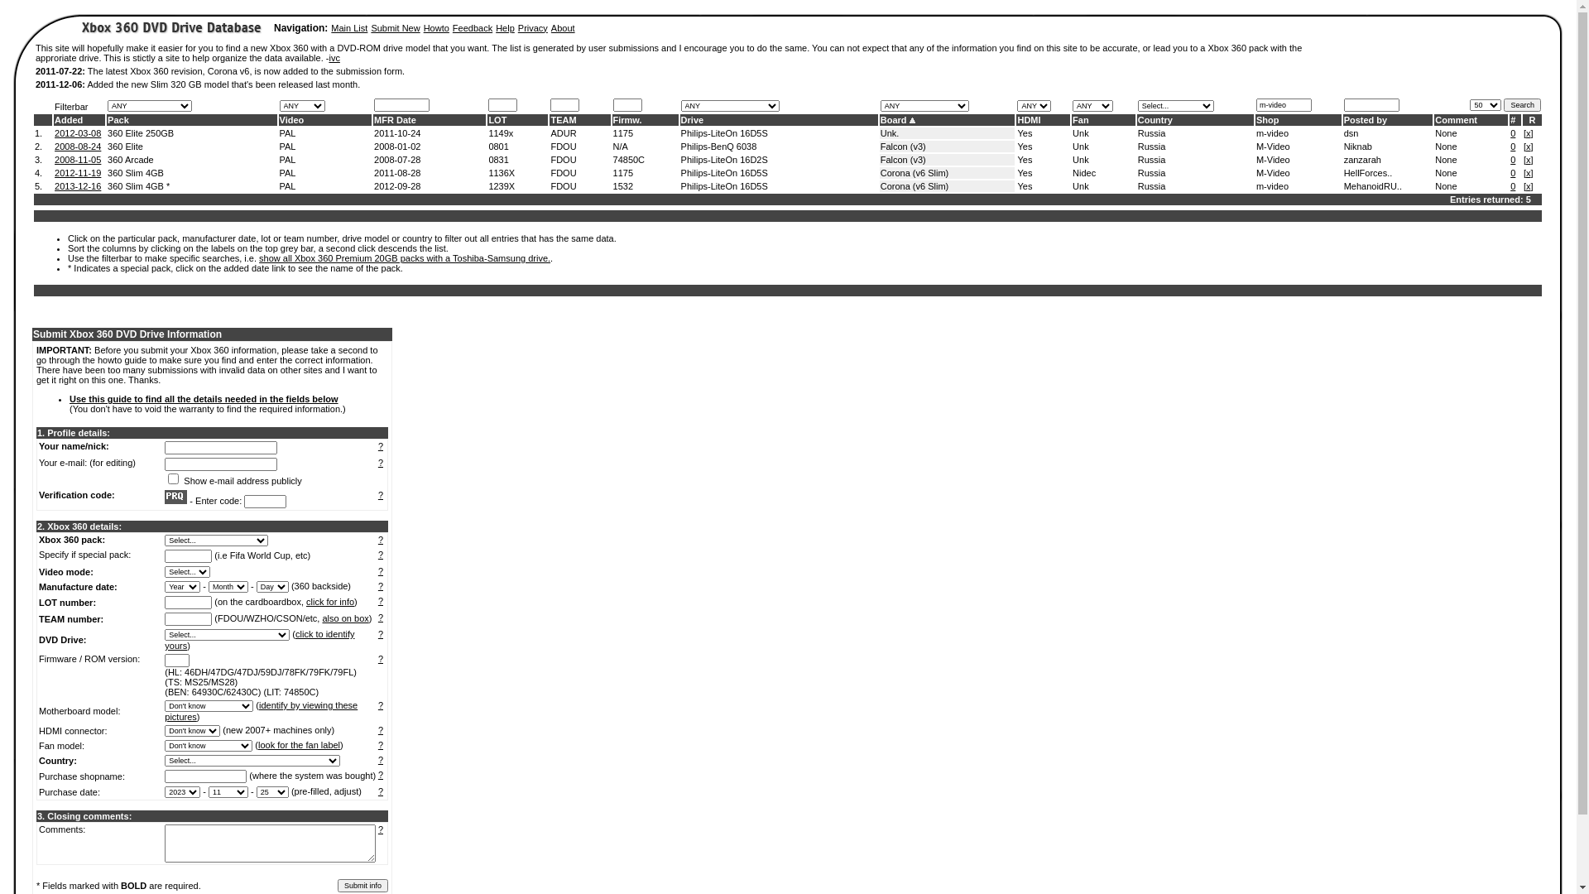  Describe the element at coordinates (724, 159) in the screenshot. I see `'Philips-LiteOn 16D2S'` at that location.